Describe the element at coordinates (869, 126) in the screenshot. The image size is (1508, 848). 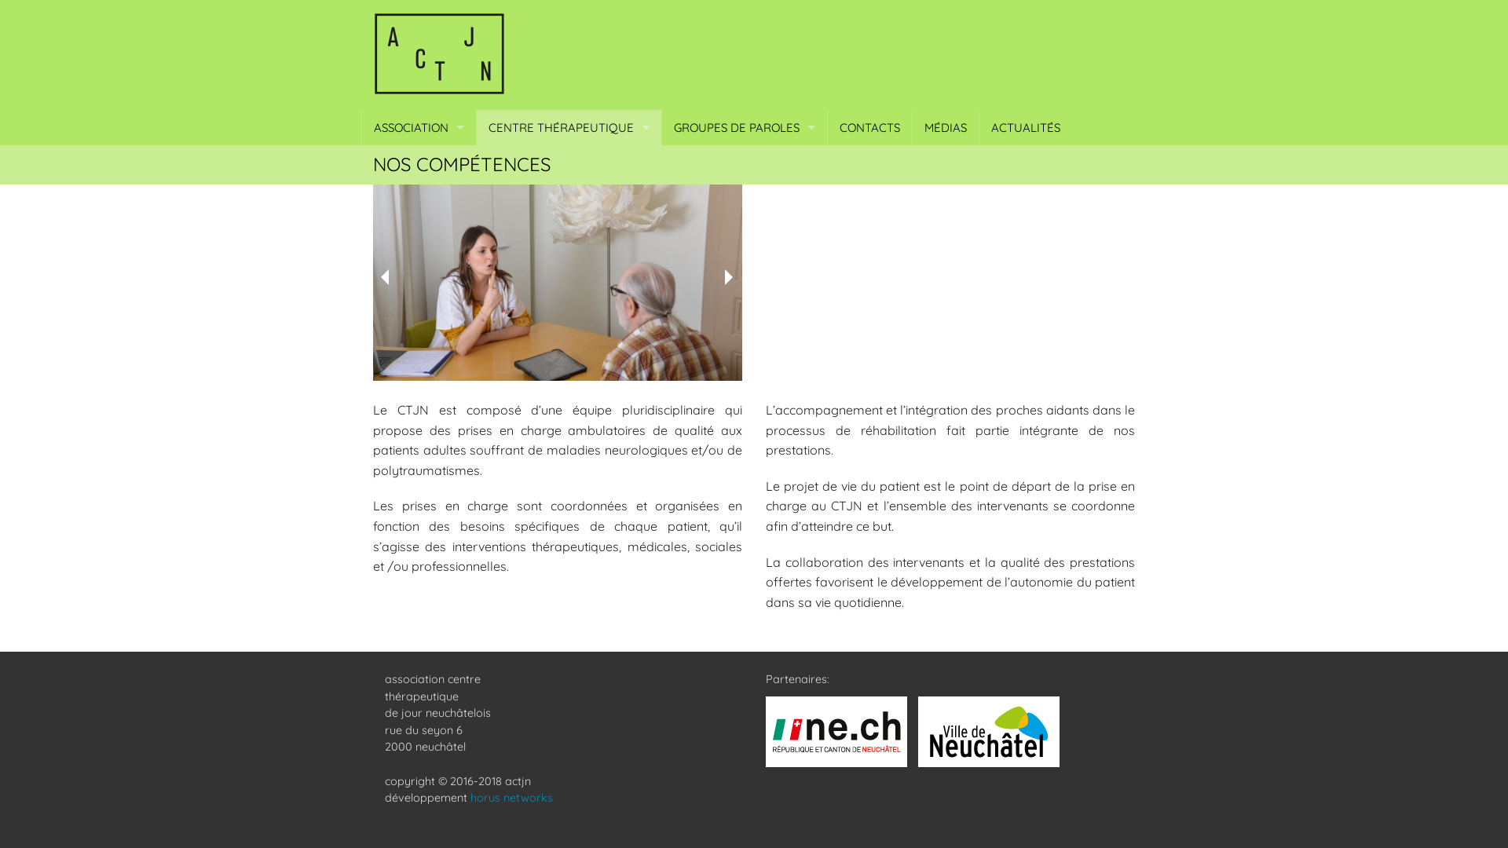
I see `'CONTACTS'` at that location.